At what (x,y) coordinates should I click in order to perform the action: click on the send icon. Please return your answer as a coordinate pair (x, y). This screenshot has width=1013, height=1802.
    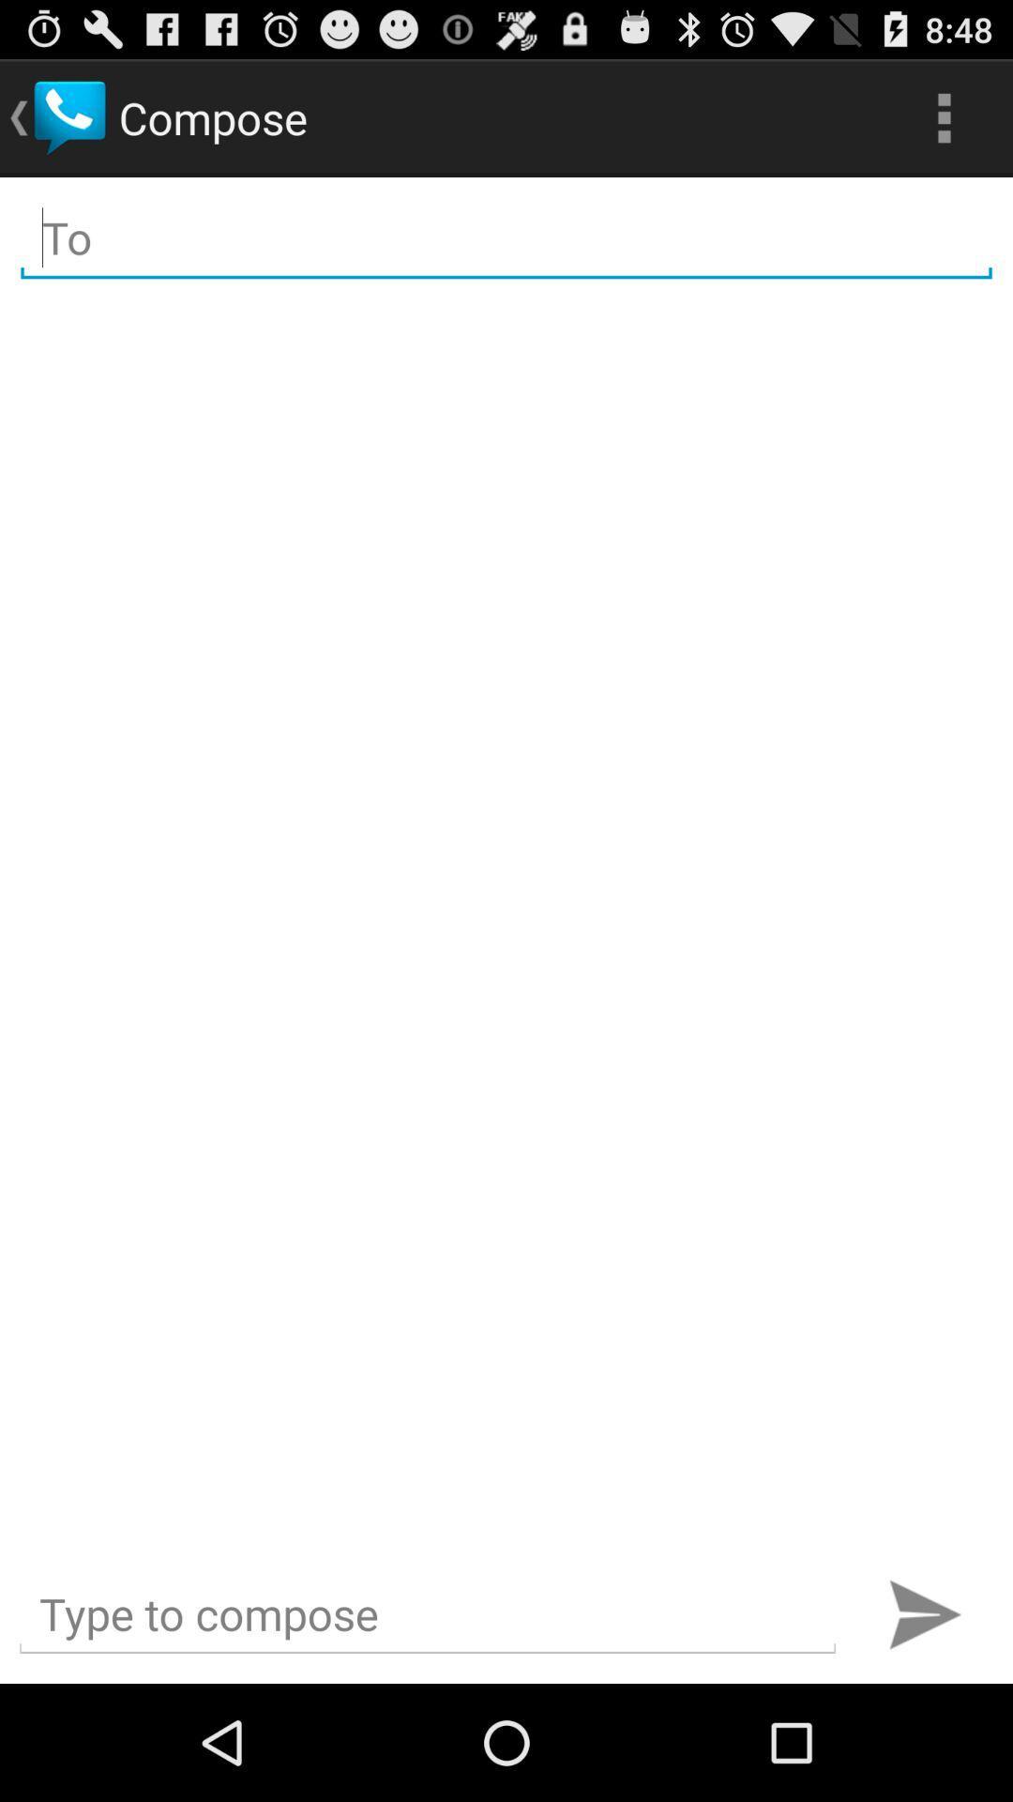
    Looking at the image, I should click on (923, 1727).